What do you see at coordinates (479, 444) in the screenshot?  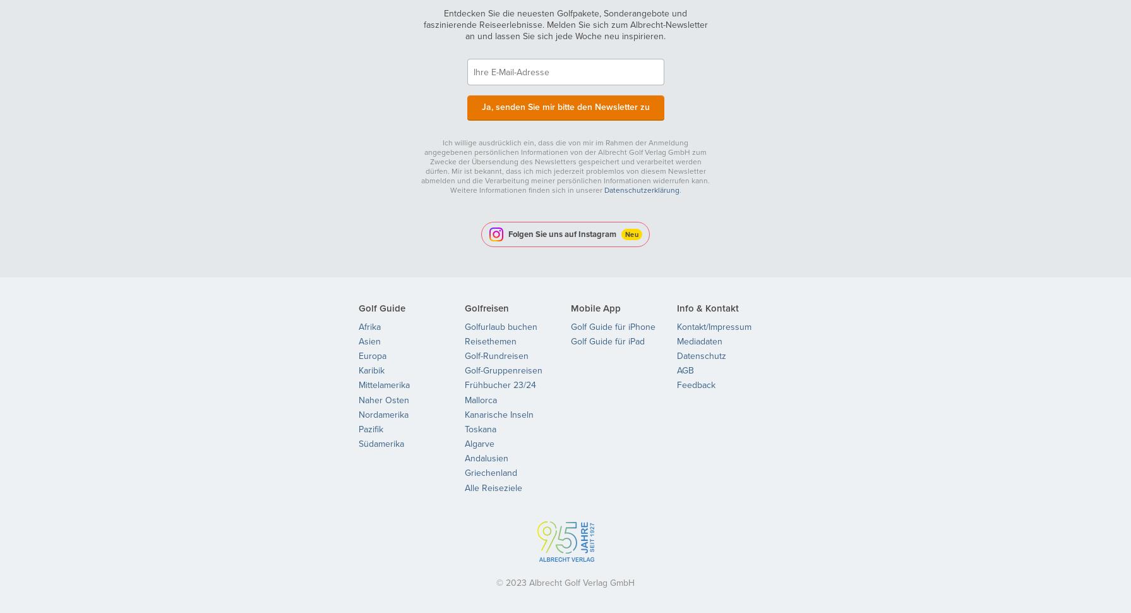 I see `'Algarve'` at bounding box center [479, 444].